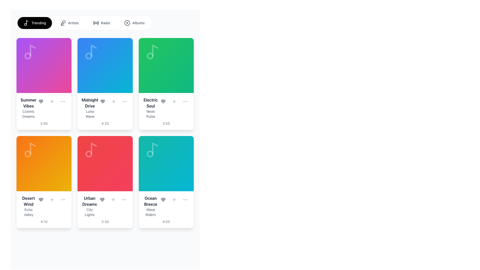 The height and width of the screenshot is (270, 480). I want to click on the circular button with three horizontal dots ('...') located in the controls section under the 'Midnight Drive' song tile, so click(125, 101).